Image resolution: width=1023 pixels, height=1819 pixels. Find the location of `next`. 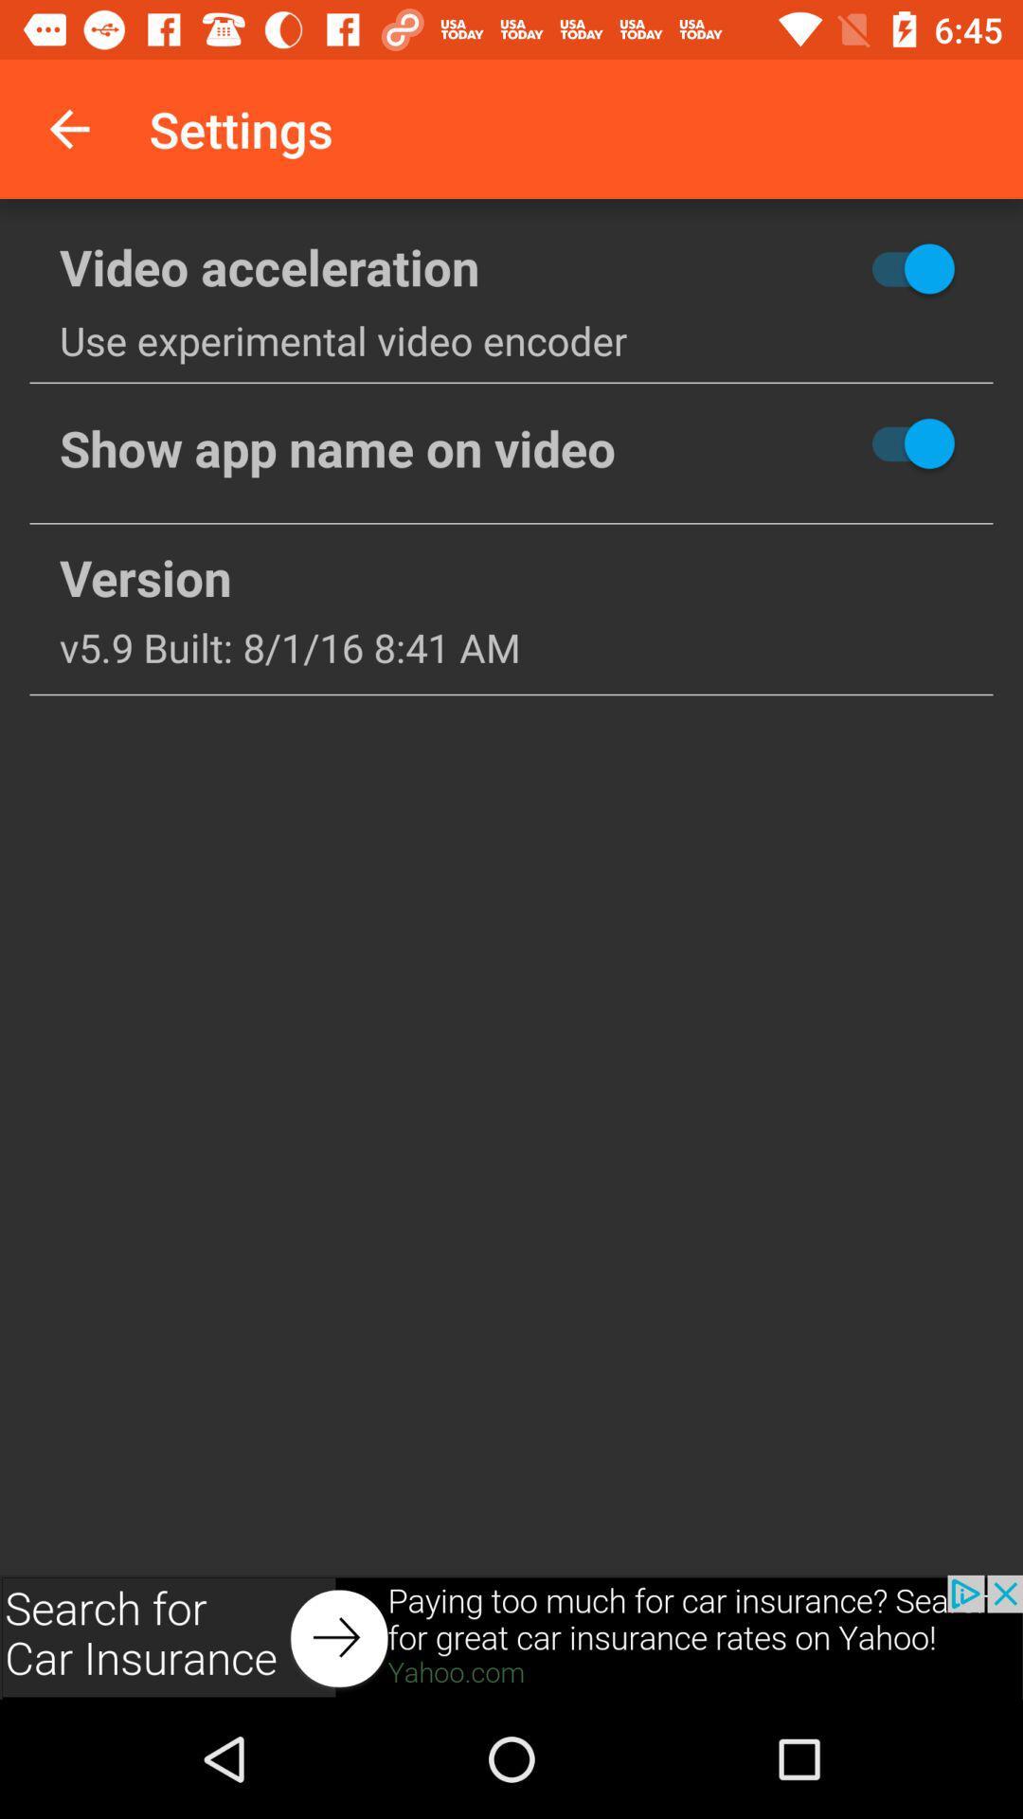

next is located at coordinates (511, 1636).